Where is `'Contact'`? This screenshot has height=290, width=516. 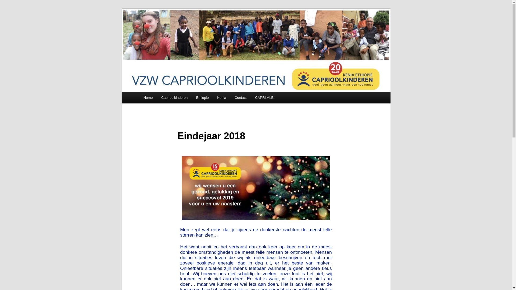
'Contact' is located at coordinates (240, 97).